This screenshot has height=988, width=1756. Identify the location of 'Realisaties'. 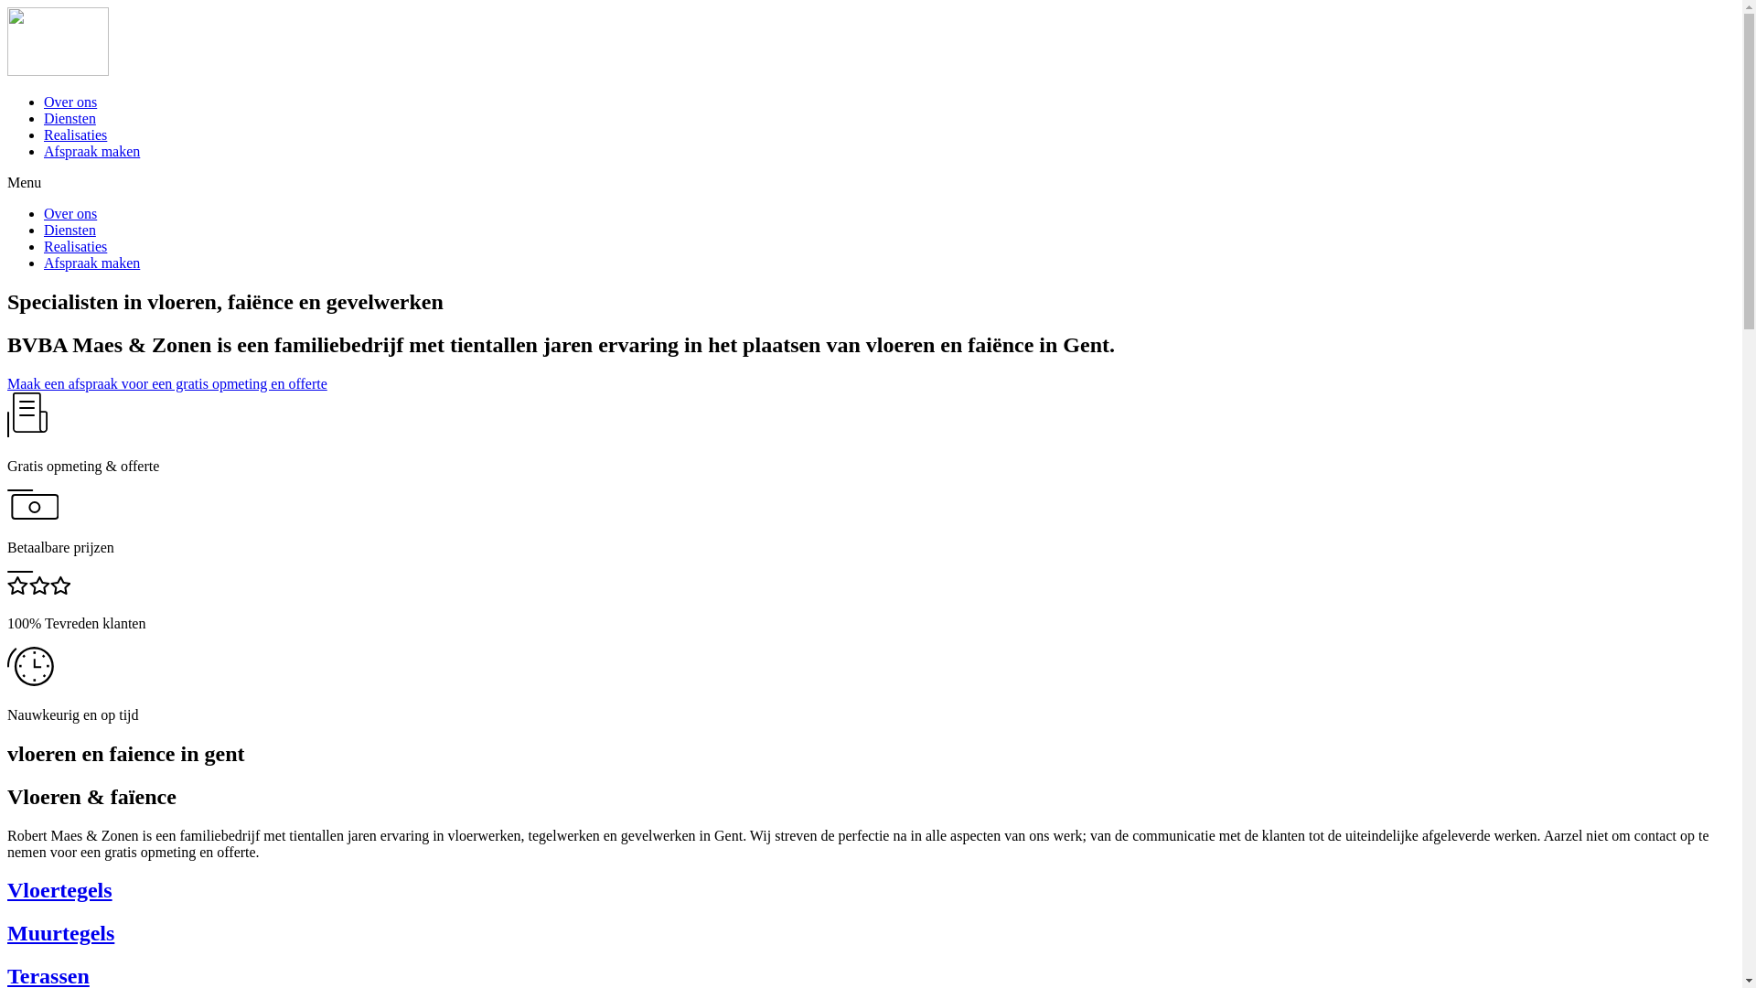
(74, 245).